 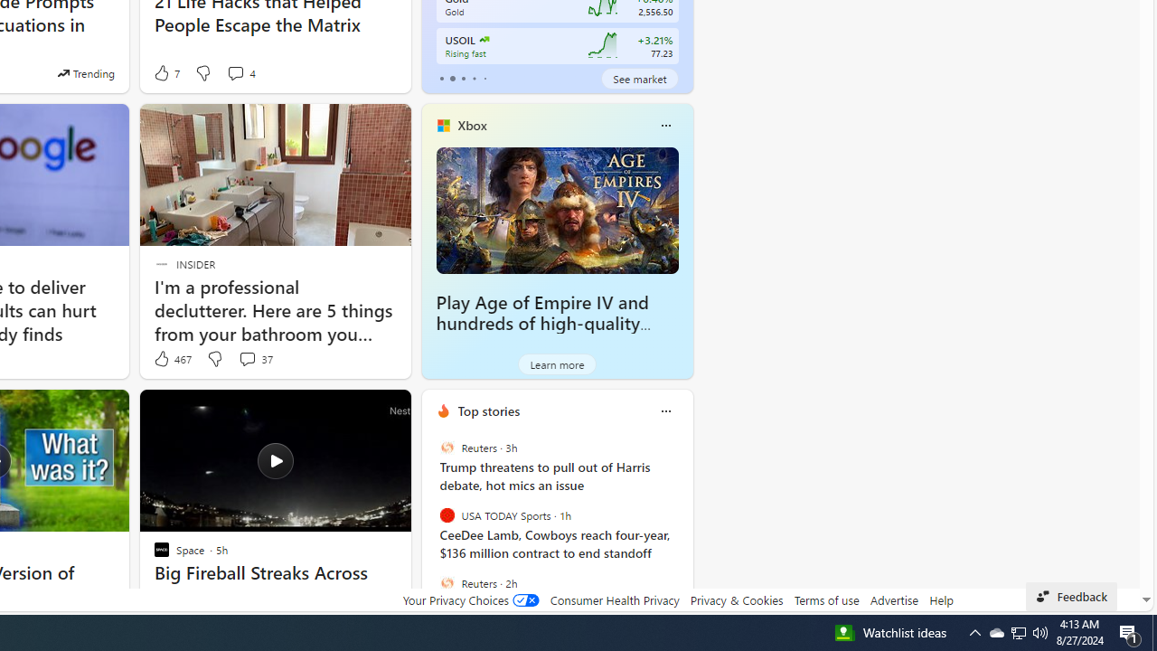 What do you see at coordinates (474, 78) in the screenshot?
I see `'tab-3'` at bounding box center [474, 78].